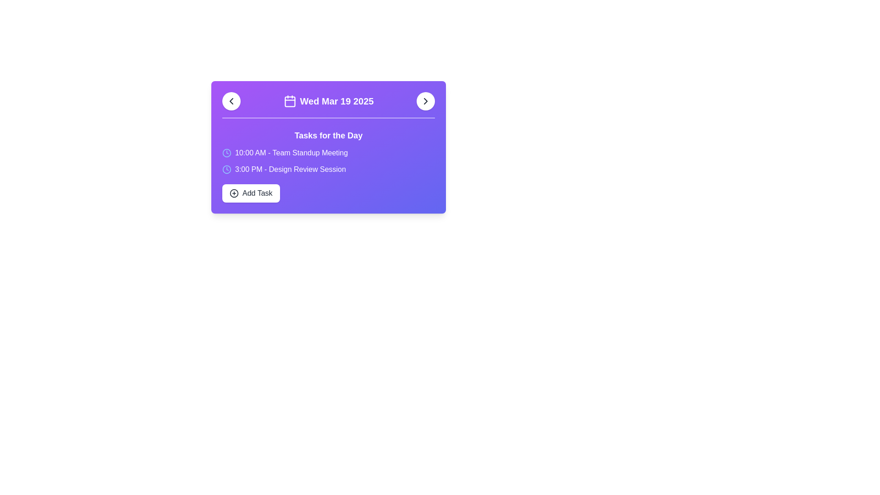 The height and width of the screenshot is (495, 880). Describe the element at coordinates (234, 192) in the screenshot. I see `the decorative border of the 'Add Task' button, which is the outermost circular component enclosing the '+' shape` at that location.